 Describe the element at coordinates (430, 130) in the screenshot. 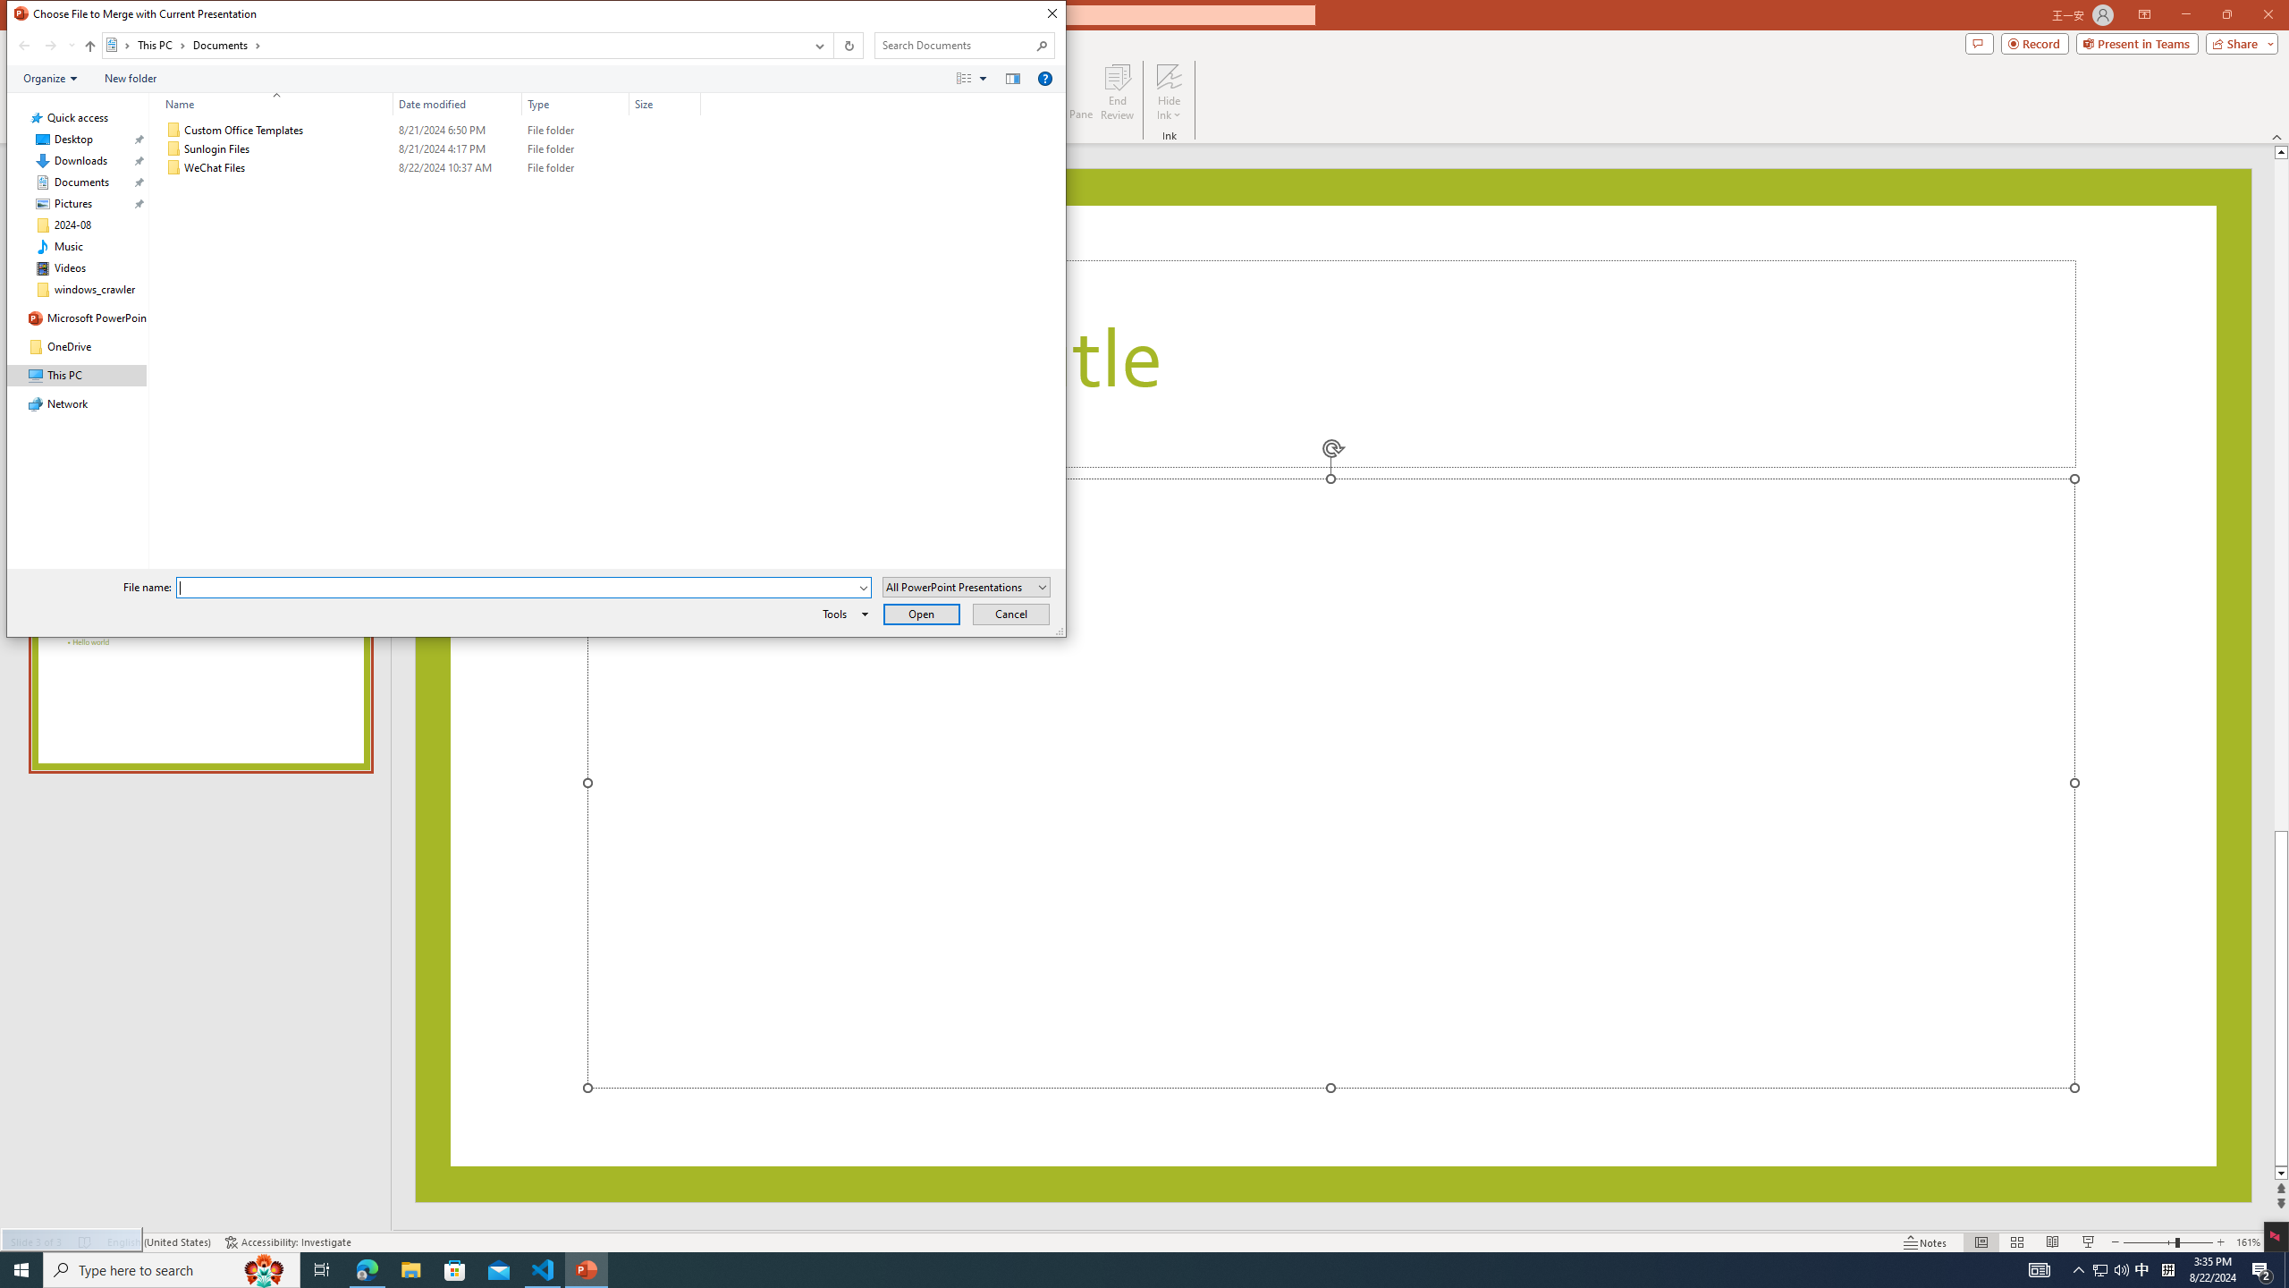

I see `'Custom Office Templates'` at that location.